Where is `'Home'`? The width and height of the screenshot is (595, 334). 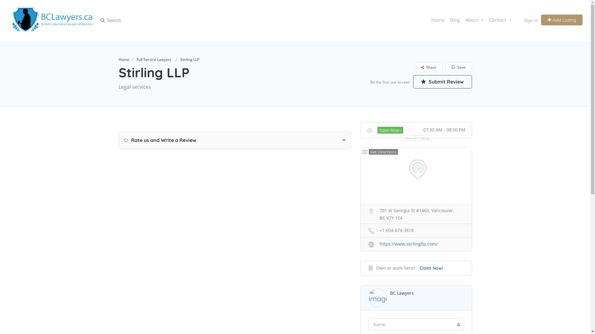 'Home' is located at coordinates (437, 19).